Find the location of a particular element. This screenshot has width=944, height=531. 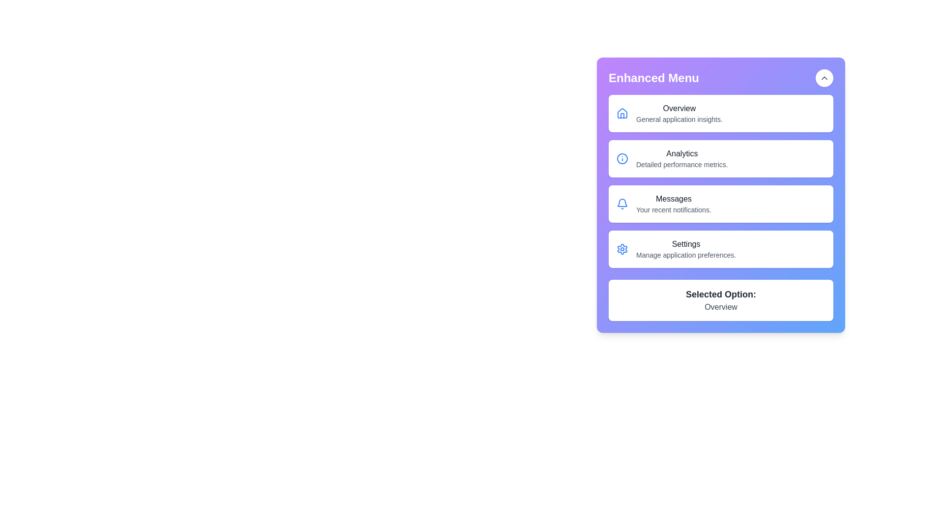

the button located at the top right corner of the 'Enhanced Menu' section, adjacent to the title text 'Enhanced Menu', to observe its styling change is located at coordinates (824, 77).